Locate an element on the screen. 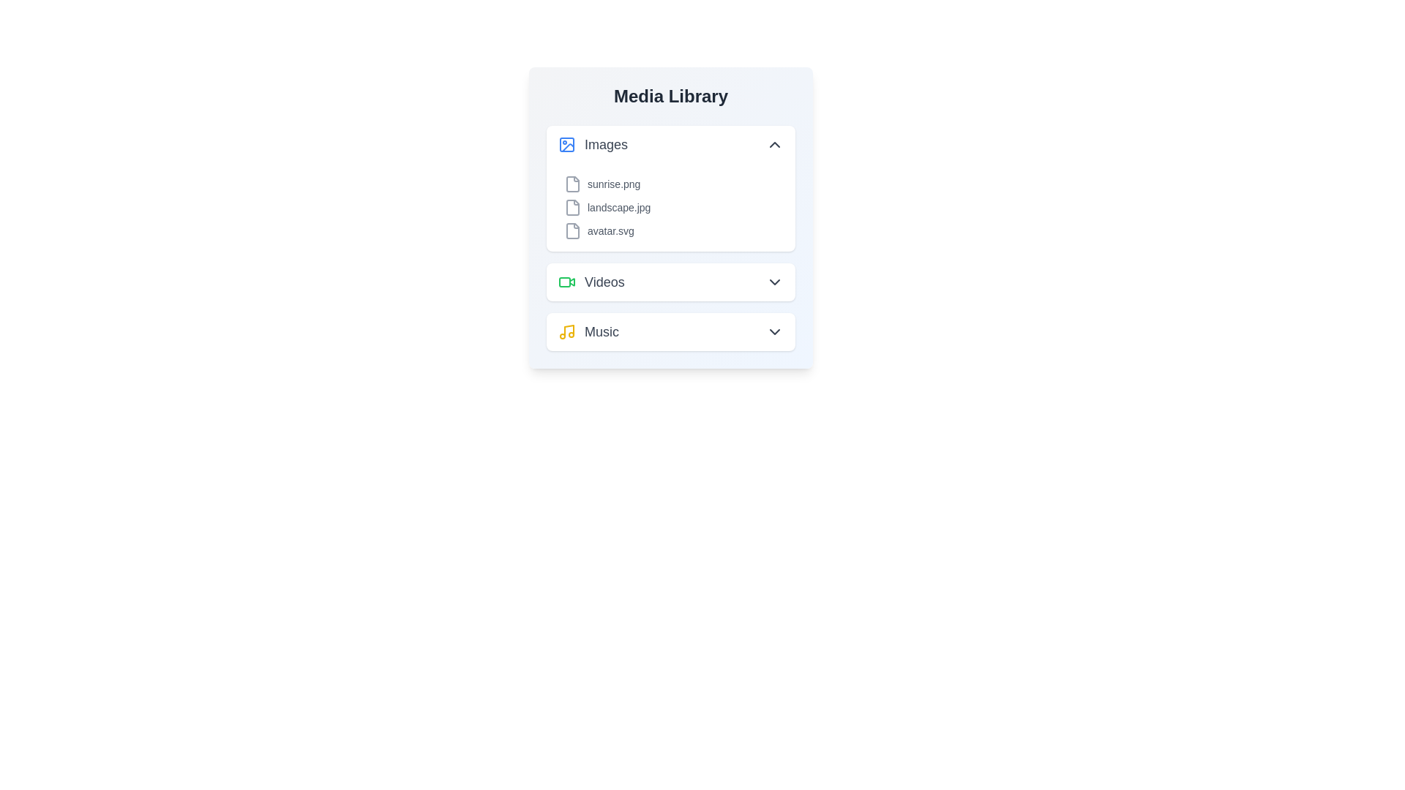 Image resolution: width=1405 pixels, height=790 pixels. the decorative graphical element representing the 'Videos' section, which is part of the video icon within the media library interface is located at coordinates (564, 282).